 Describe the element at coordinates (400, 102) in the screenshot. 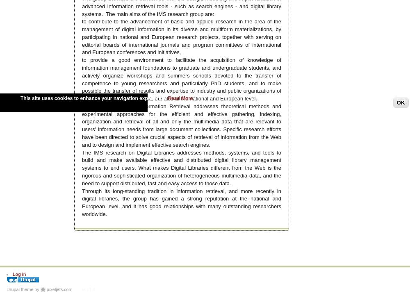

I see `'OK'` at that location.